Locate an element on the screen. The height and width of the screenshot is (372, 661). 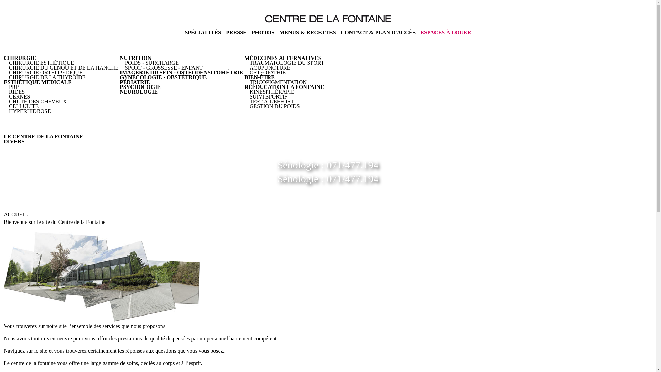
'PRESSE' is located at coordinates (226, 32).